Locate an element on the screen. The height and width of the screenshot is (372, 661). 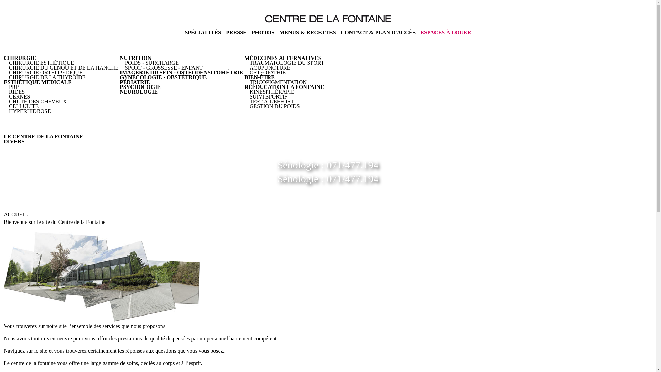
'PRESSE' is located at coordinates (226, 32).